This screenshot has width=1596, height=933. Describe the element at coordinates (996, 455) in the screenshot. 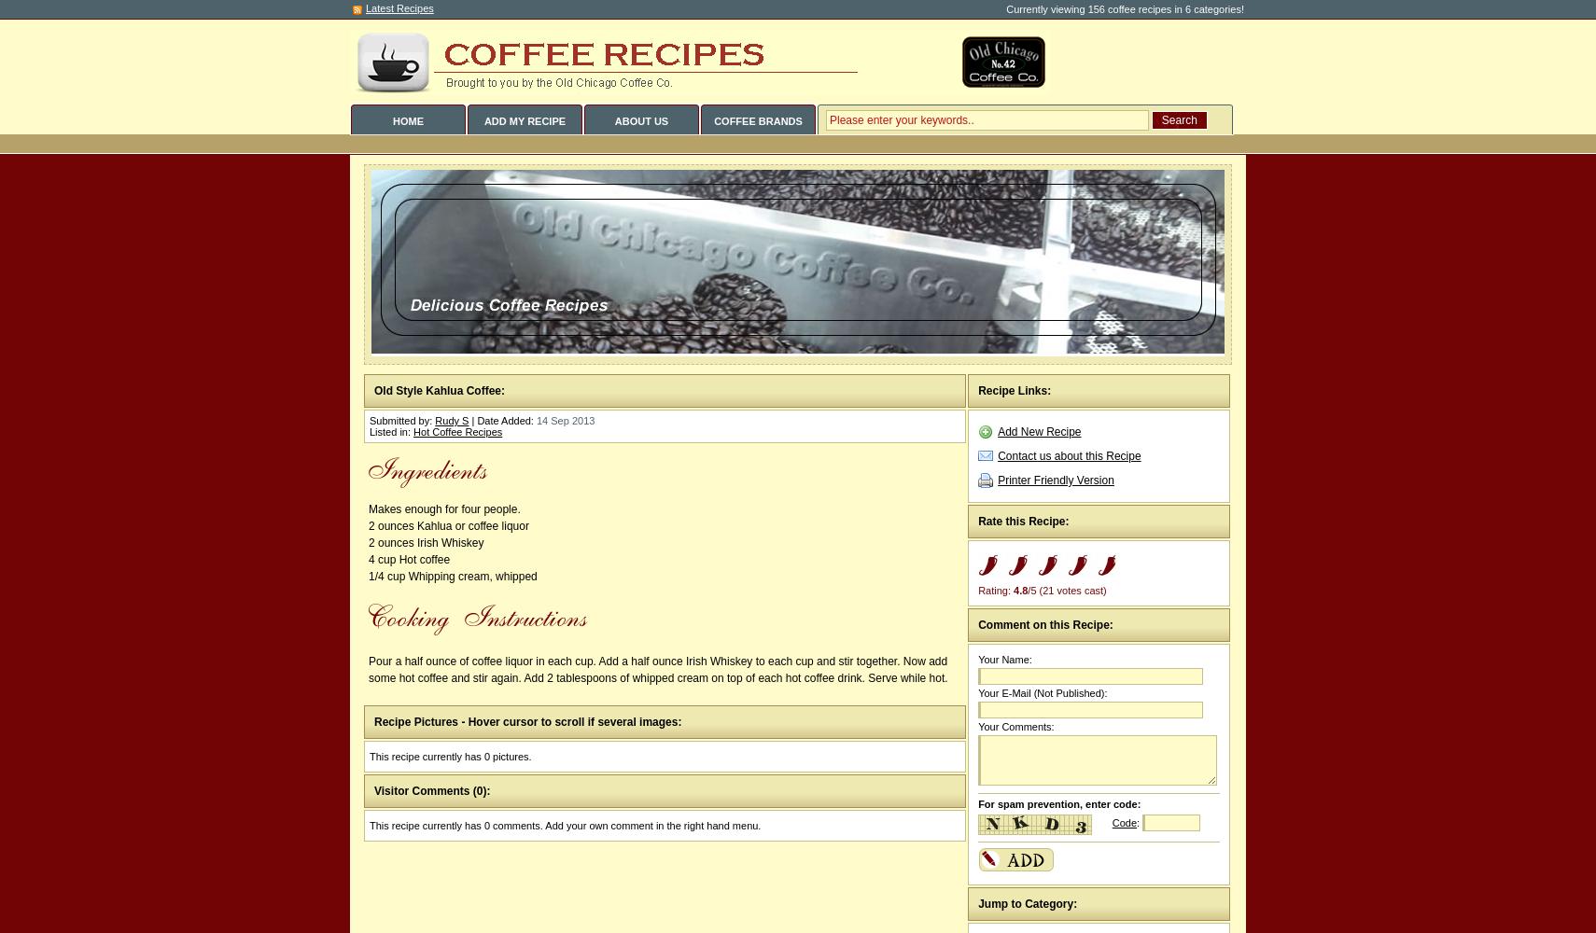

I see `'Contact us about this Recipe'` at that location.